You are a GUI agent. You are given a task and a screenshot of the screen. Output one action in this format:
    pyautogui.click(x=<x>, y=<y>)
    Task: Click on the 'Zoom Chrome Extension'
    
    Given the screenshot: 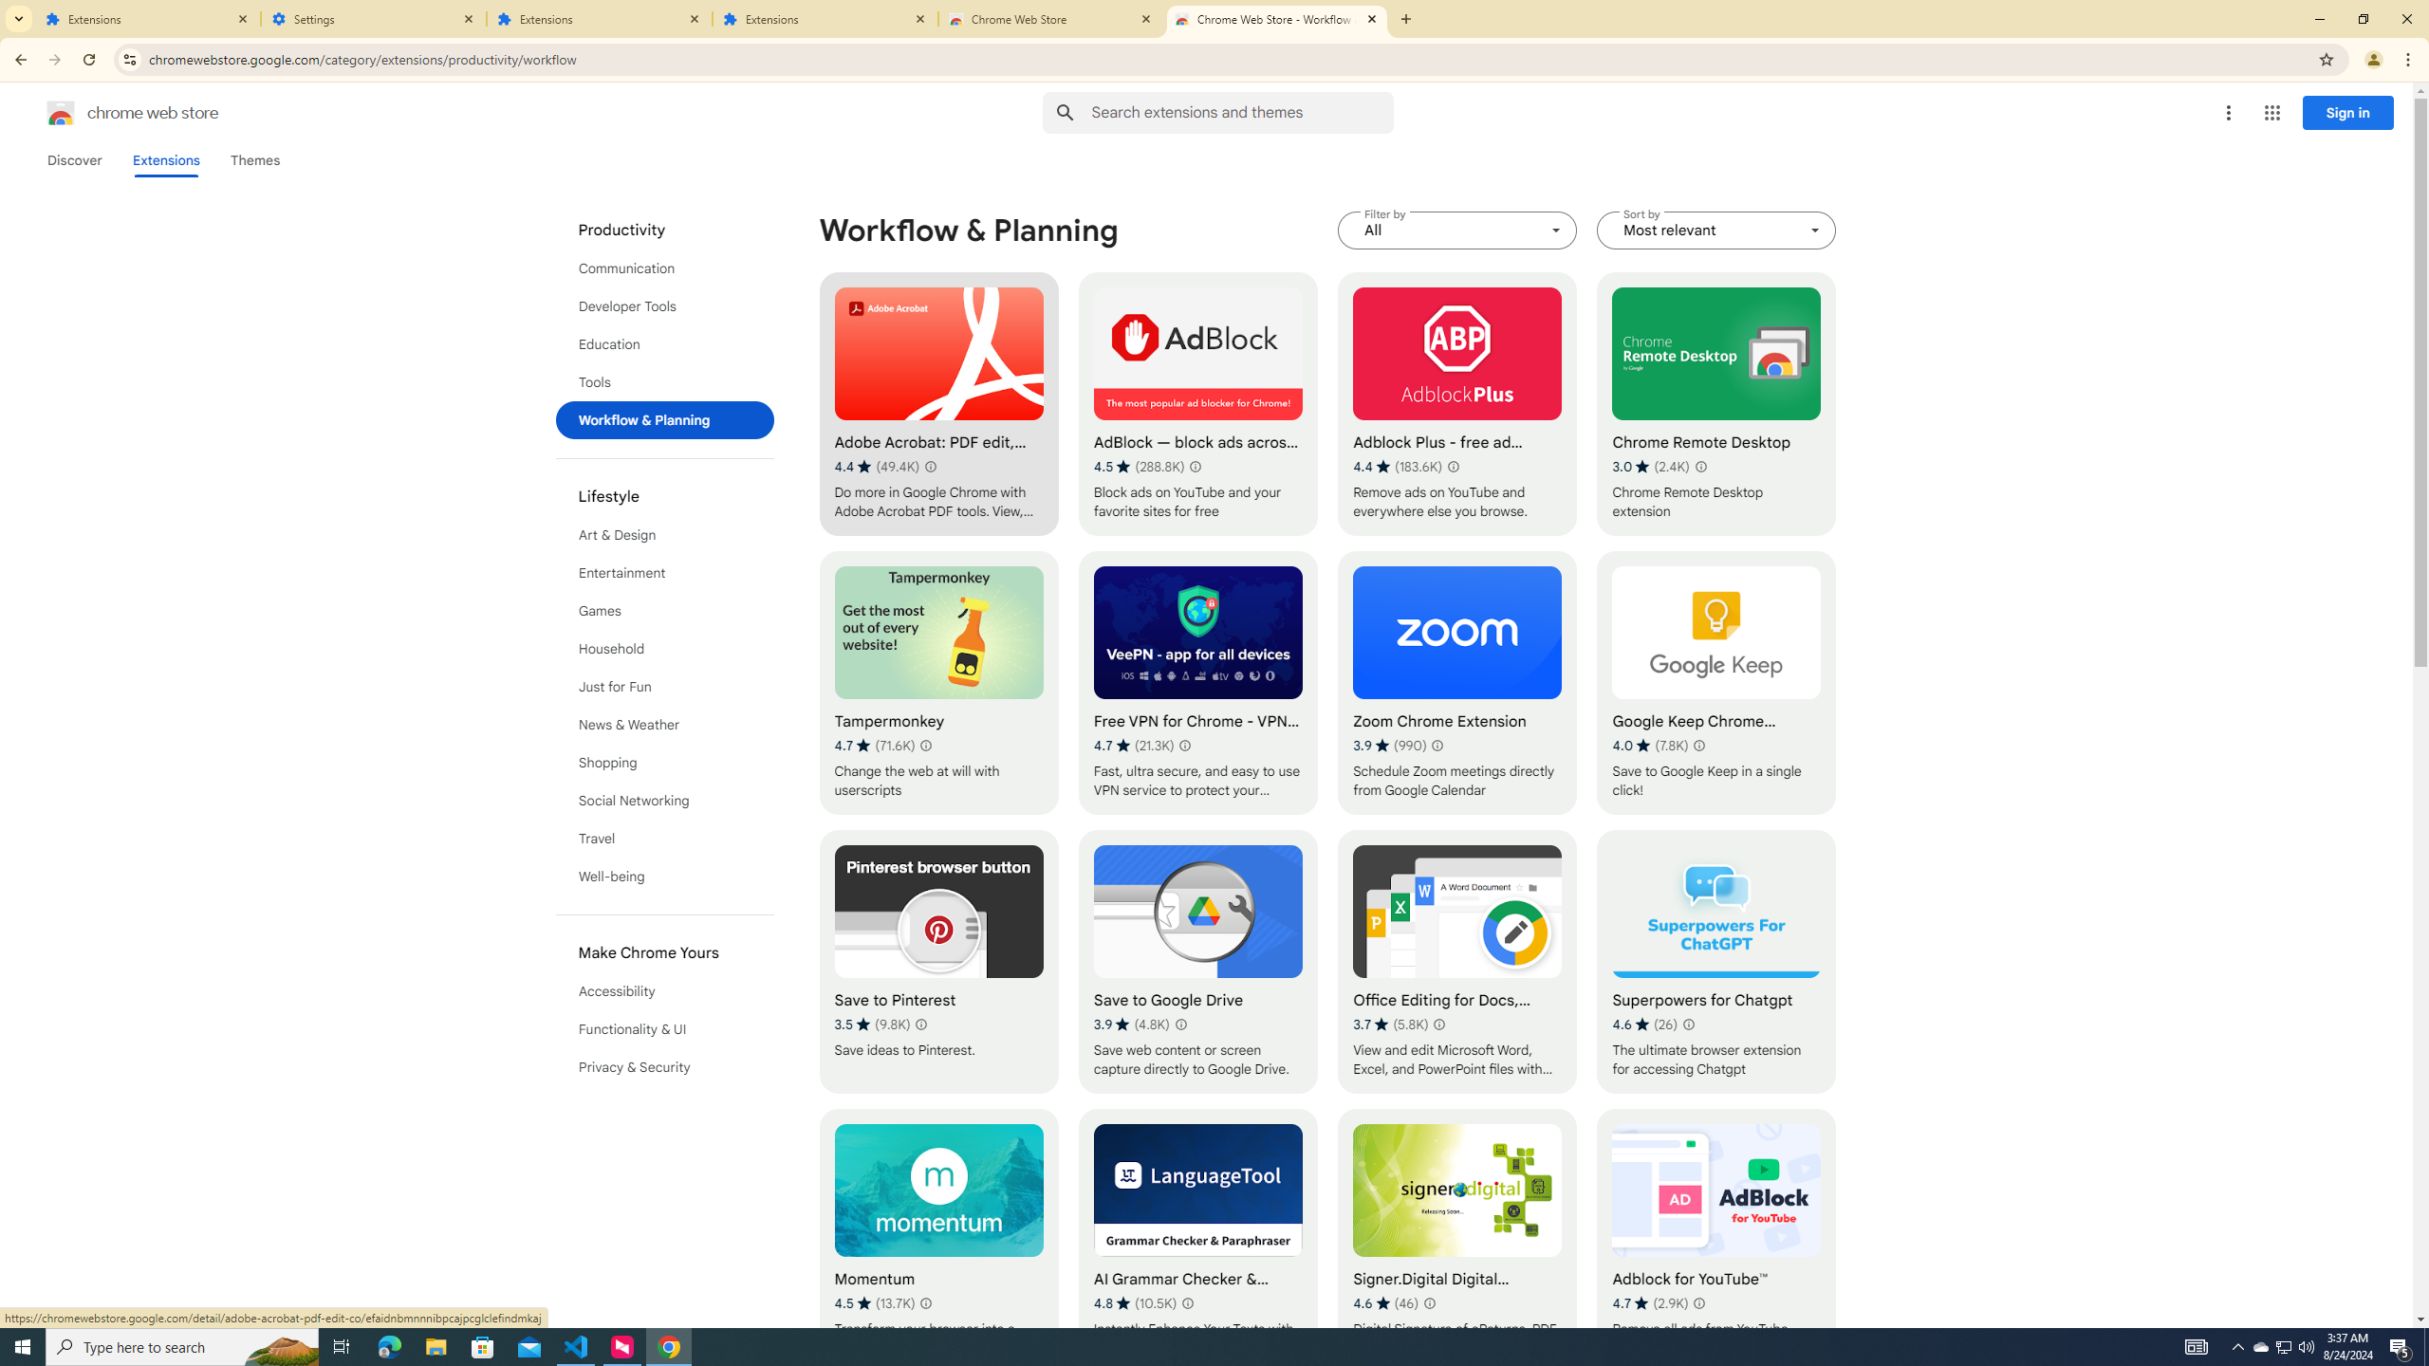 What is the action you would take?
    pyautogui.click(x=1457, y=683)
    